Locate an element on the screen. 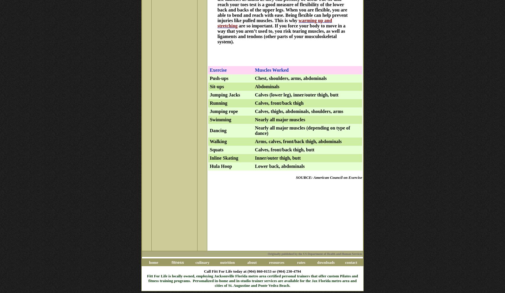  'about' is located at coordinates (252, 262).